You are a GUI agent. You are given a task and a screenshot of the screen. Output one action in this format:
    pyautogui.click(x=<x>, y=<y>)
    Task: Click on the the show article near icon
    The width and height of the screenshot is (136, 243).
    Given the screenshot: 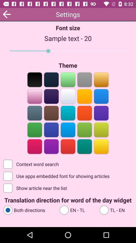 What is the action you would take?
    pyautogui.click(x=35, y=188)
    